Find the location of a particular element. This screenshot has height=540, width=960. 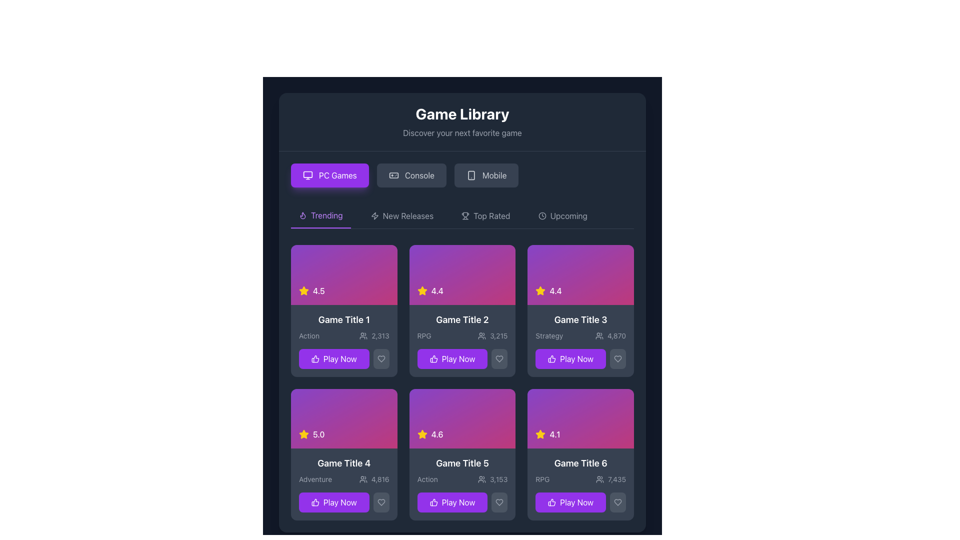

the heart-shaped icon, which is a favorite button located in the bottom right corner of the 'Game Title 3' card in the game cards grid, to change its visual state is located at coordinates (617, 358).